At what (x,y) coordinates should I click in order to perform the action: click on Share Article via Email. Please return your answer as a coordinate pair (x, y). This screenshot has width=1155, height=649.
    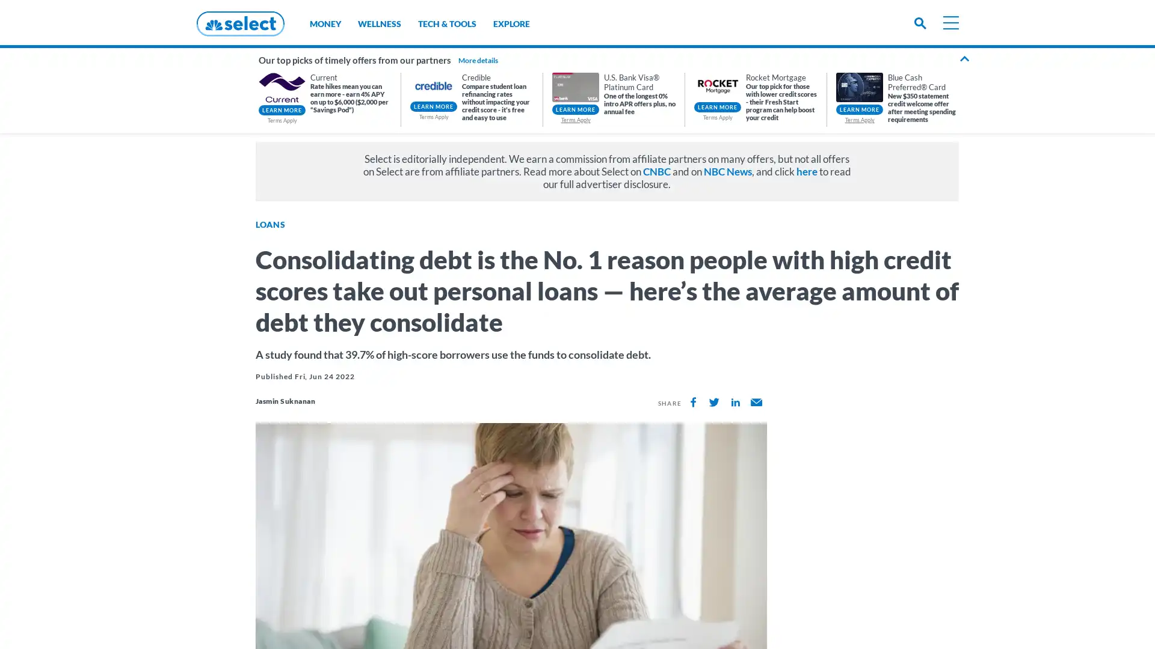
    Looking at the image, I should click on (755, 402).